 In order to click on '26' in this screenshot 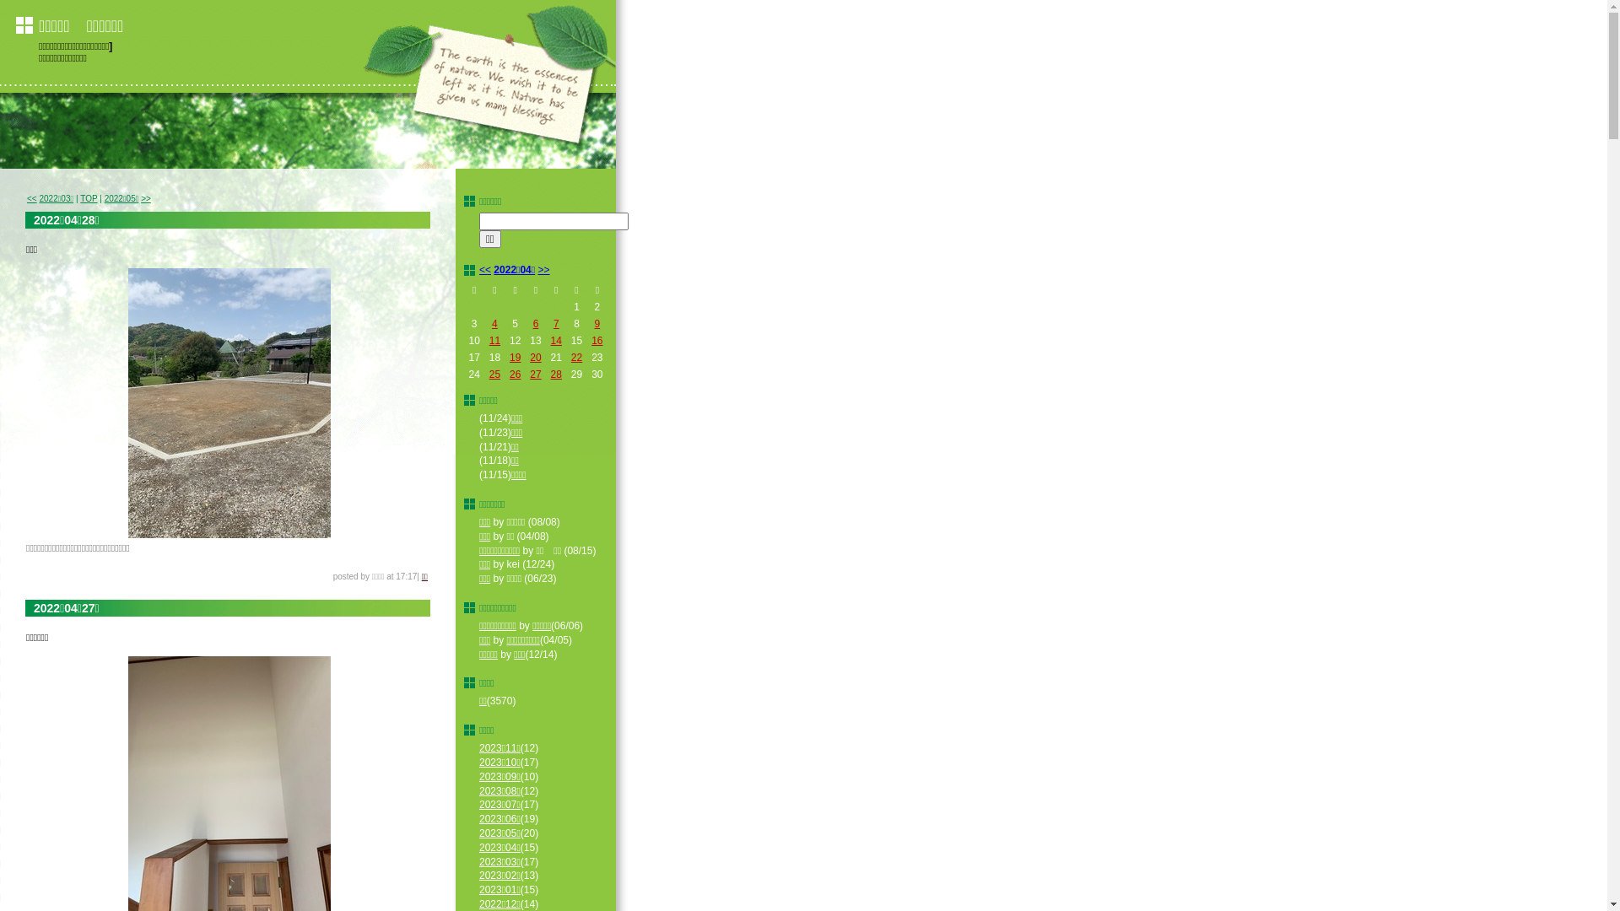, I will do `click(514, 373)`.